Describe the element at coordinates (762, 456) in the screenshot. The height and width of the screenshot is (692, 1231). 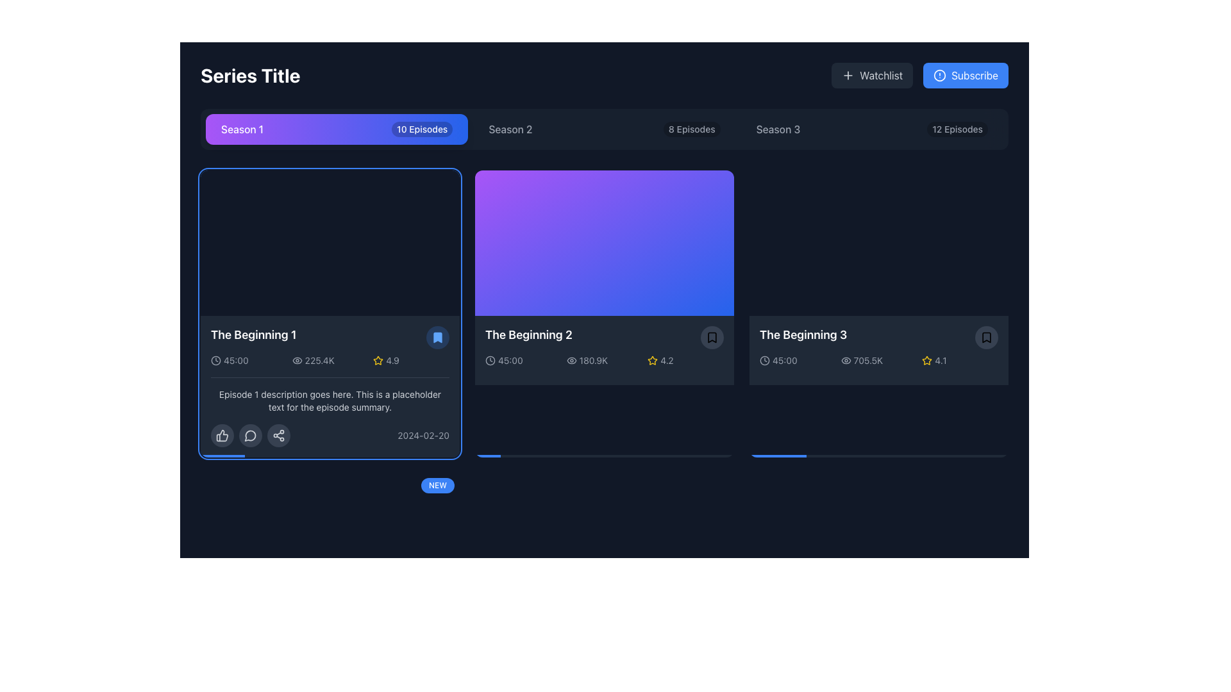
I see `progress level` at that location.